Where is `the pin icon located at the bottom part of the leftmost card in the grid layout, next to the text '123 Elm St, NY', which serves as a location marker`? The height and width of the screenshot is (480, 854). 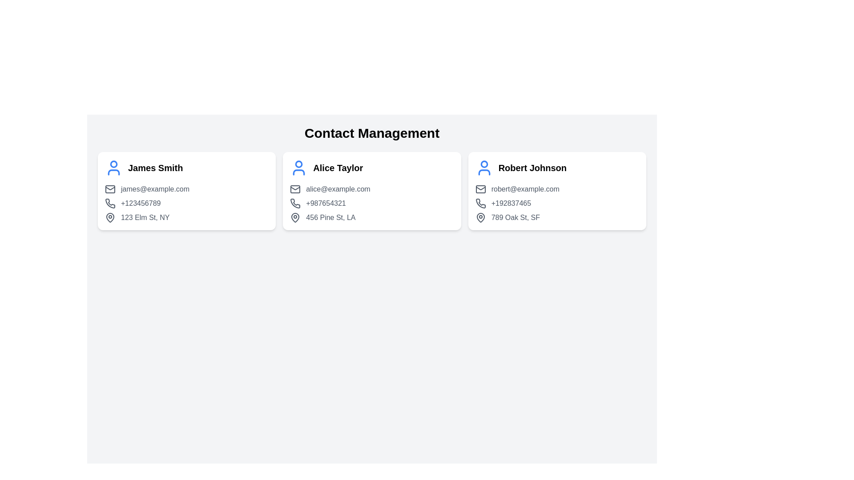
the pin icon located at the bottom part of the leftmost card in the grid layout, next to the text '123 Elm St, NY', which serves as a location marker is located at coordinates (110, 217).